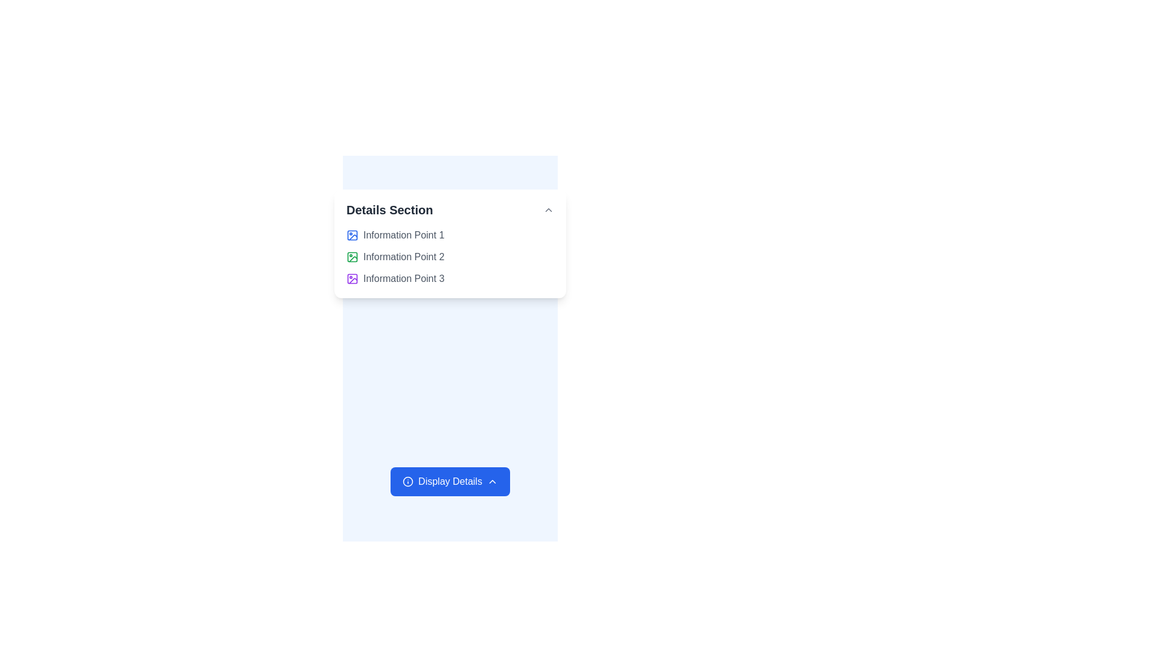 The image size is (1159, 652). I want to click on the text labeled 'Information Point 2' styled in gray color, so click(404, 256).